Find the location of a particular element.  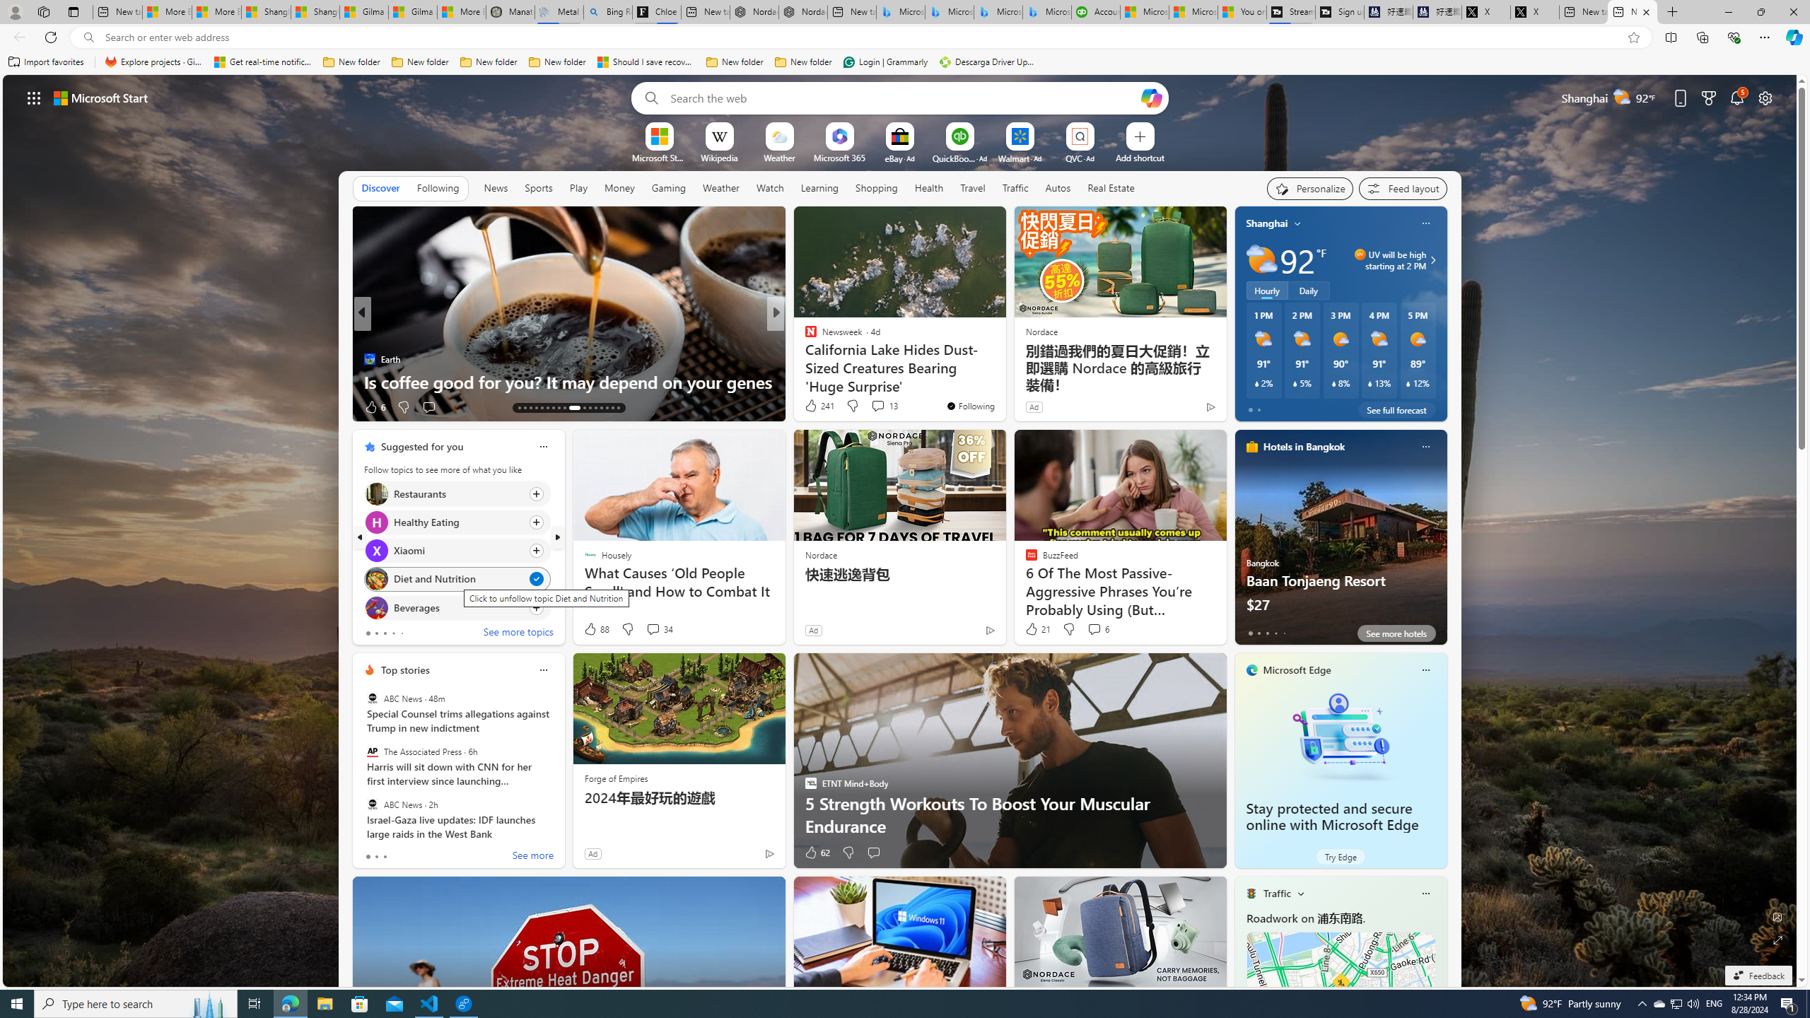

'Ad Choice' is located at coordinates (769, 853).